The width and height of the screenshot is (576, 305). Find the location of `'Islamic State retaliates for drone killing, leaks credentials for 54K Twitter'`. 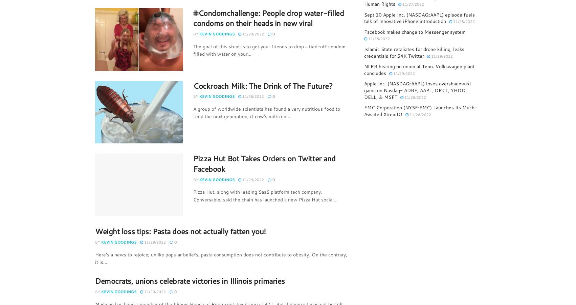

'Islamic State retaliates for drone killing, leaks credentials for 54K Twitter' is located at coordinates (414, 52).